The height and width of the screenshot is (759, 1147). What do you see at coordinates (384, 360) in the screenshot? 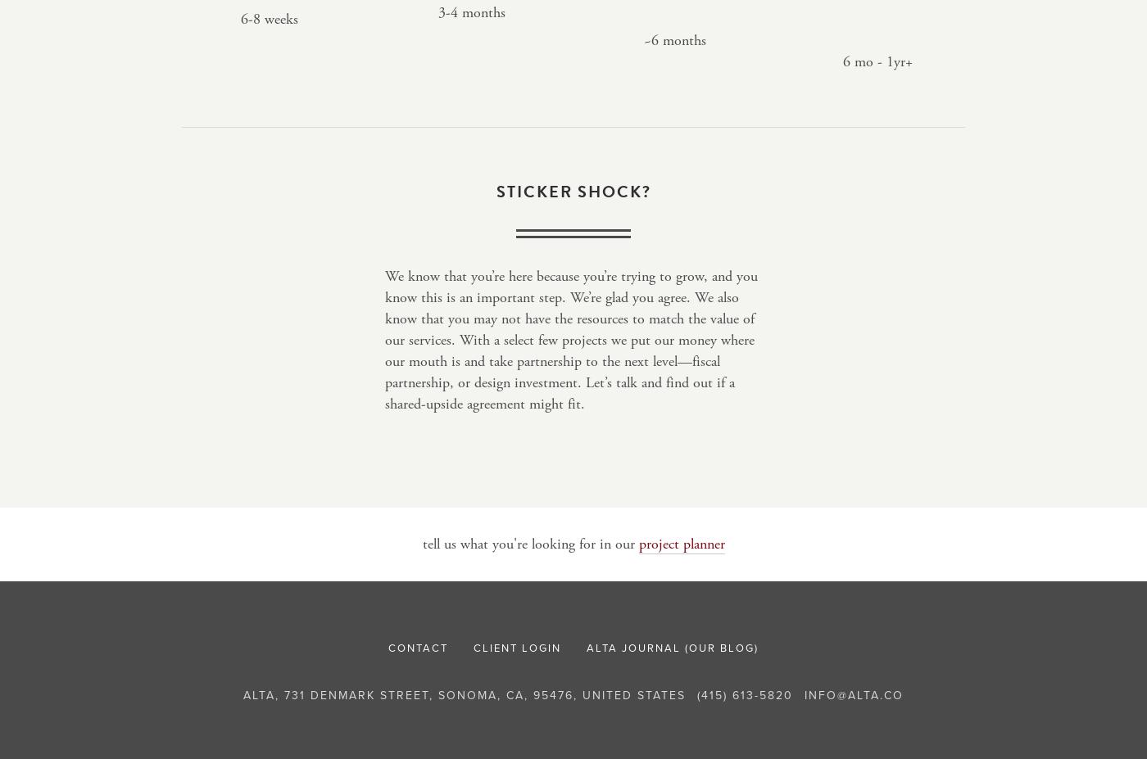
I see `'may not have the resources to match the value of our services. With a select few projects we put our money where our mouth is and take partnership to the next level—fiscal partnership, or design investment. Let’s talk and find out if a shared-upside agreement might fit.'` at bounding box center [384, 360].